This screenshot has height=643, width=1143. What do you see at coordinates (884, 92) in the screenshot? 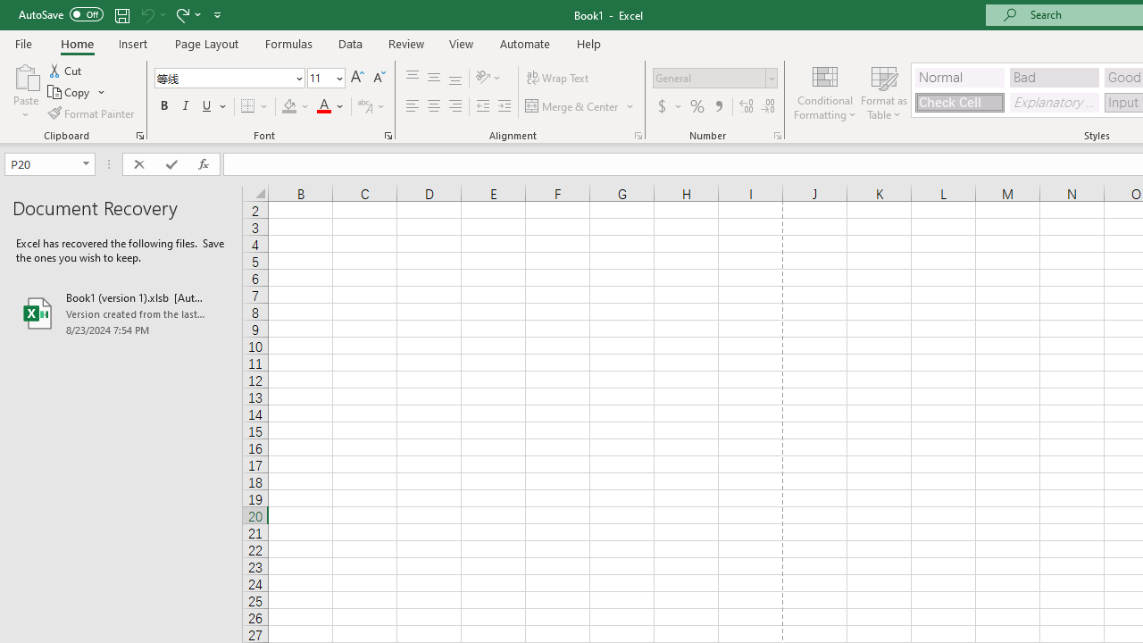
I see `'Format as Table'` at bounding box center [884, 92].